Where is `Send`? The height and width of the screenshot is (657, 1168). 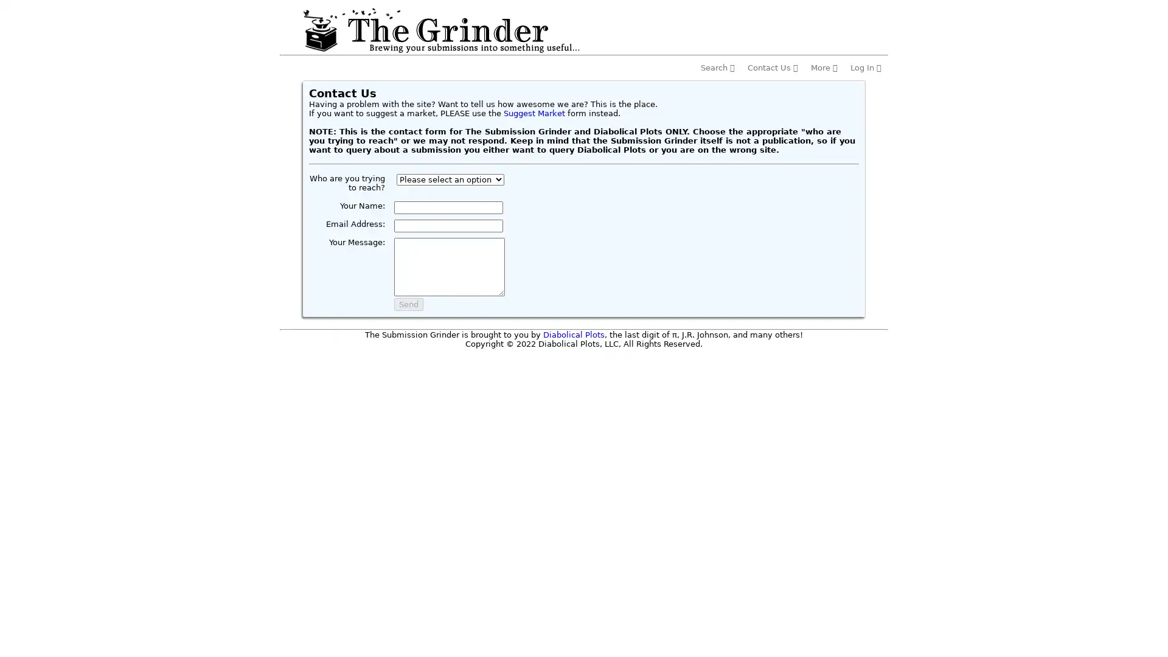
Send is located at coordinates (408, 304).